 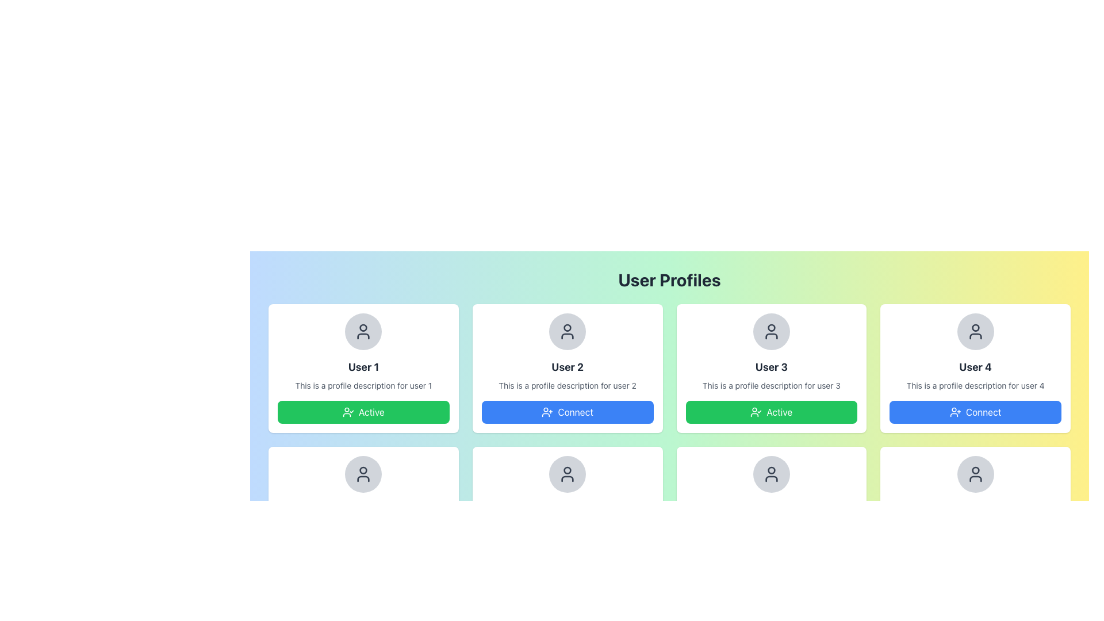 What do you see at coordinates (975, 332) in the screenshot?
I see `the circular light-gray Avatar placeholder with a user icon, located at the top center of the fourth profile card in the user profile grid` at bounding box center [975, 332].